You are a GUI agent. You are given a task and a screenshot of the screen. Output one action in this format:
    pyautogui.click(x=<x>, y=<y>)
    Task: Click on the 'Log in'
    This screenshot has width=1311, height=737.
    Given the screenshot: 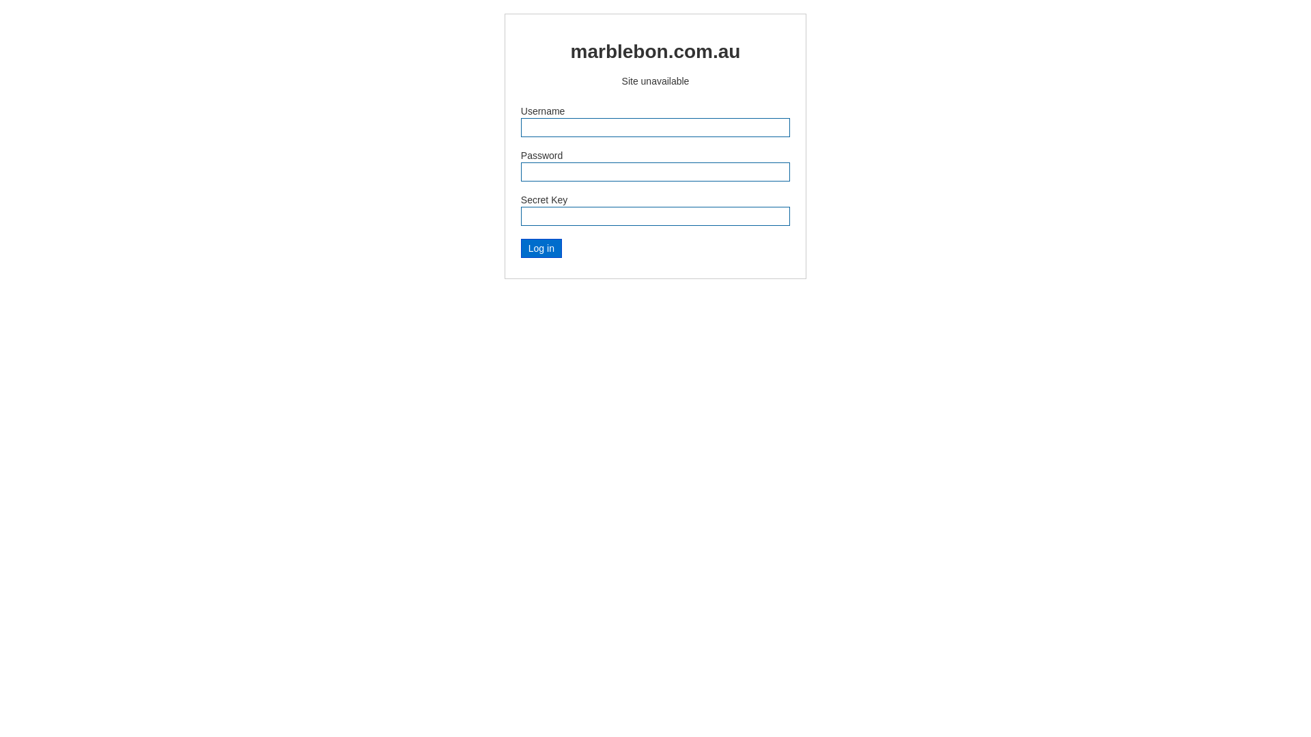 What is the action you would take?
    pyautogui.click(x=540, y=248)
    